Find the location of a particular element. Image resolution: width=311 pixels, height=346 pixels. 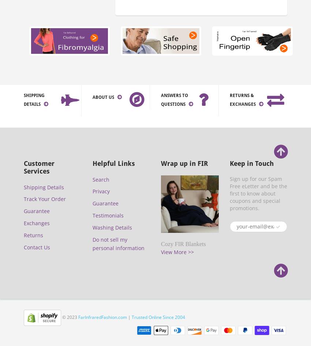

'Trusted Online Since 2004' is located at coordinates (158, 317).